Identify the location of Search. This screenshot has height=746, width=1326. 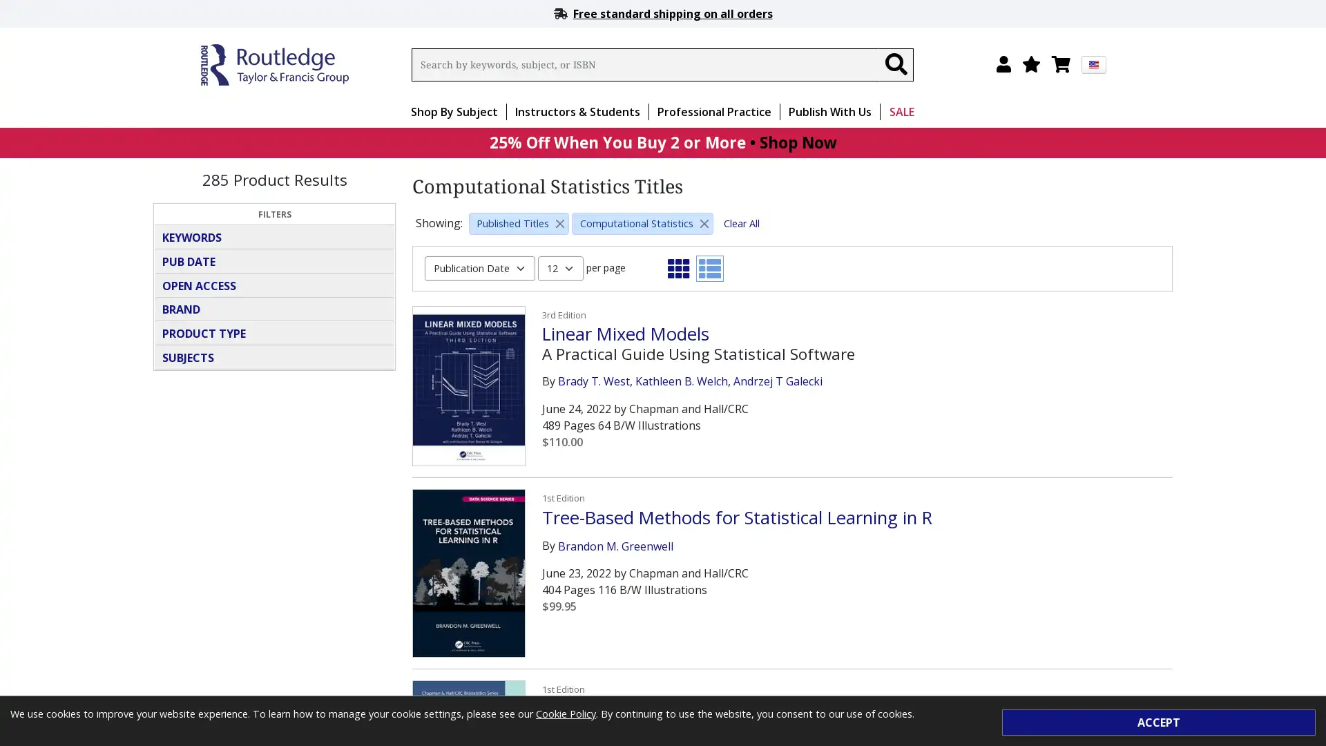
(895, 64).